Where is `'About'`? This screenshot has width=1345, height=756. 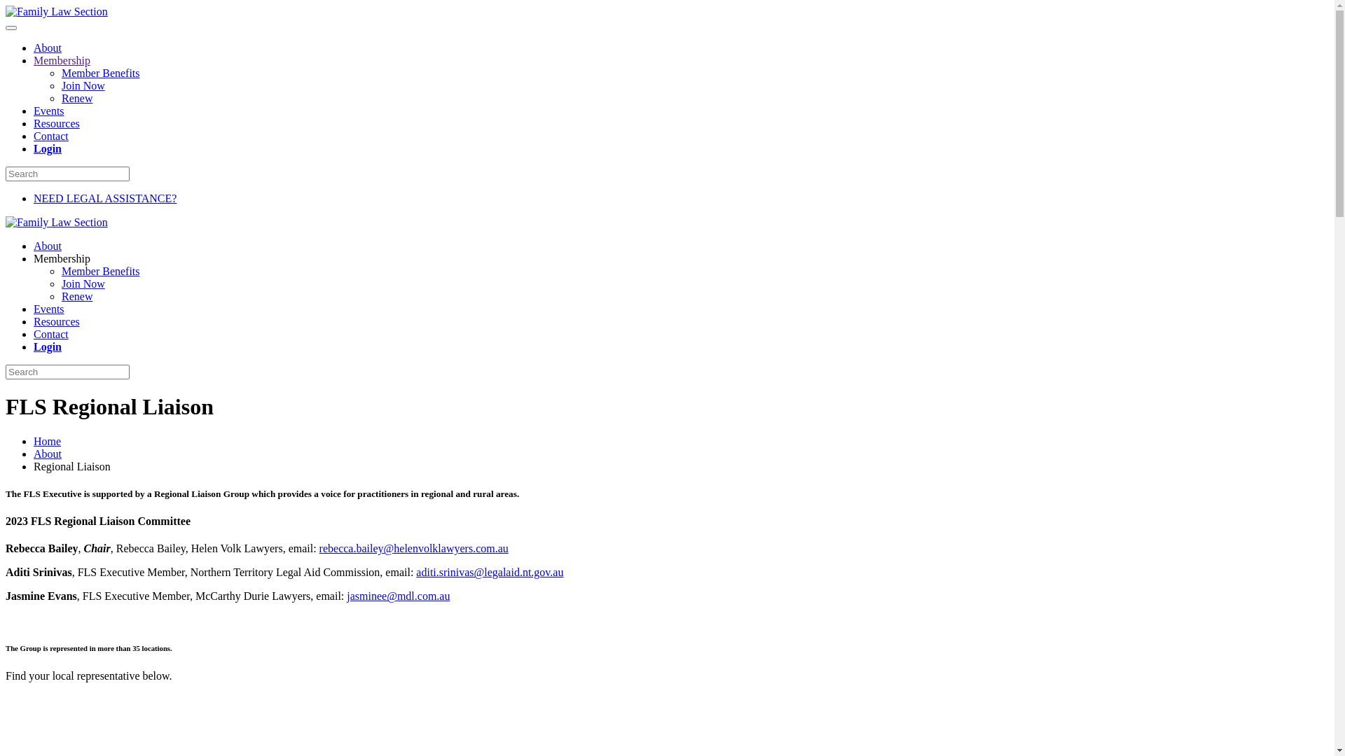
'About' is located at coordinates (47, 245).